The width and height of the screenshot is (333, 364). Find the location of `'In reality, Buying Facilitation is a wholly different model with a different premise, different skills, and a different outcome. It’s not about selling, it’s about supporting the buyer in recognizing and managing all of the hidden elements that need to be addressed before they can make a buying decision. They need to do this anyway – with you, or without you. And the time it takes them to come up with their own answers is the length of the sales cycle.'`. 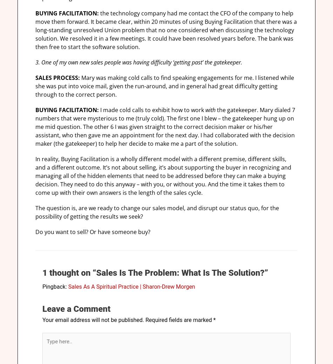

'In reality, Buying Facilitation is a wholly different model with a different premise, different skills, and a different outcome. It’s not about selling, it’s about supporting the buyer in recognizing and managing all of the hidden elements that need to be addressed before they can make a buying decision. They need to do this anyway – with you, or without you. And the time it takes them to come up with their own answers is the length of the sales cycle.' is located at coordinates (163, 176).